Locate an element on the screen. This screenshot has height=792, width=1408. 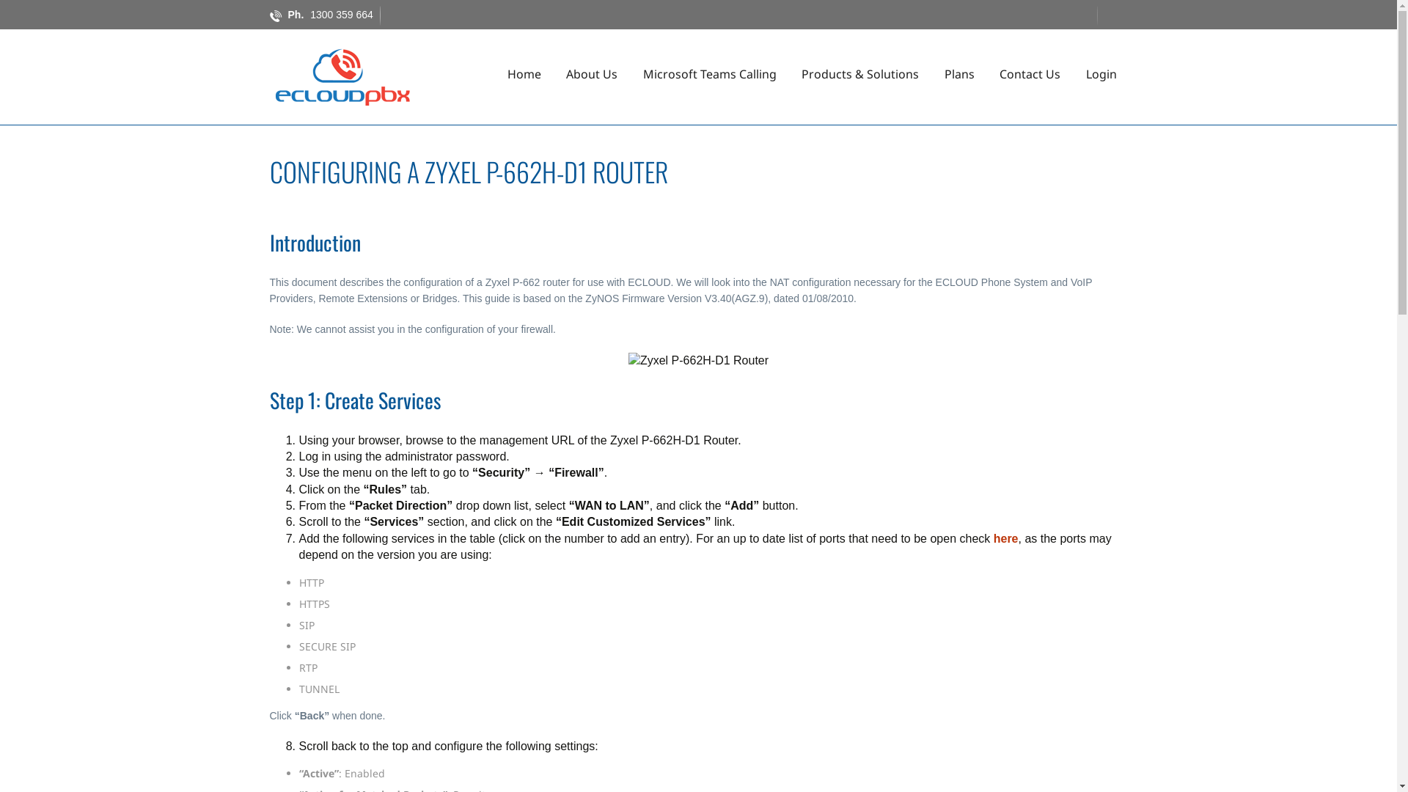
'Login' is located at coordinates (1074, 73).